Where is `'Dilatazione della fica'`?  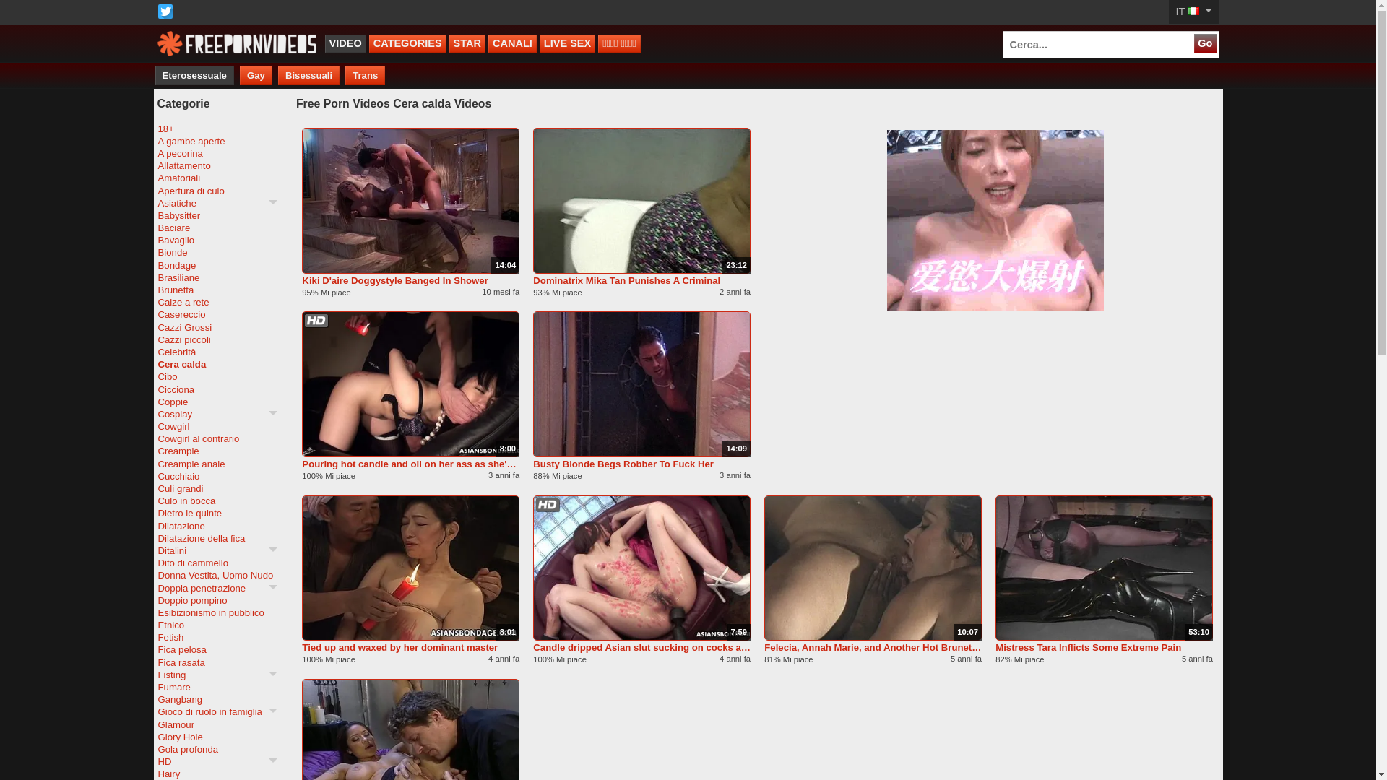
'Dilatazione della fica' is located at coordinates (157, 538).